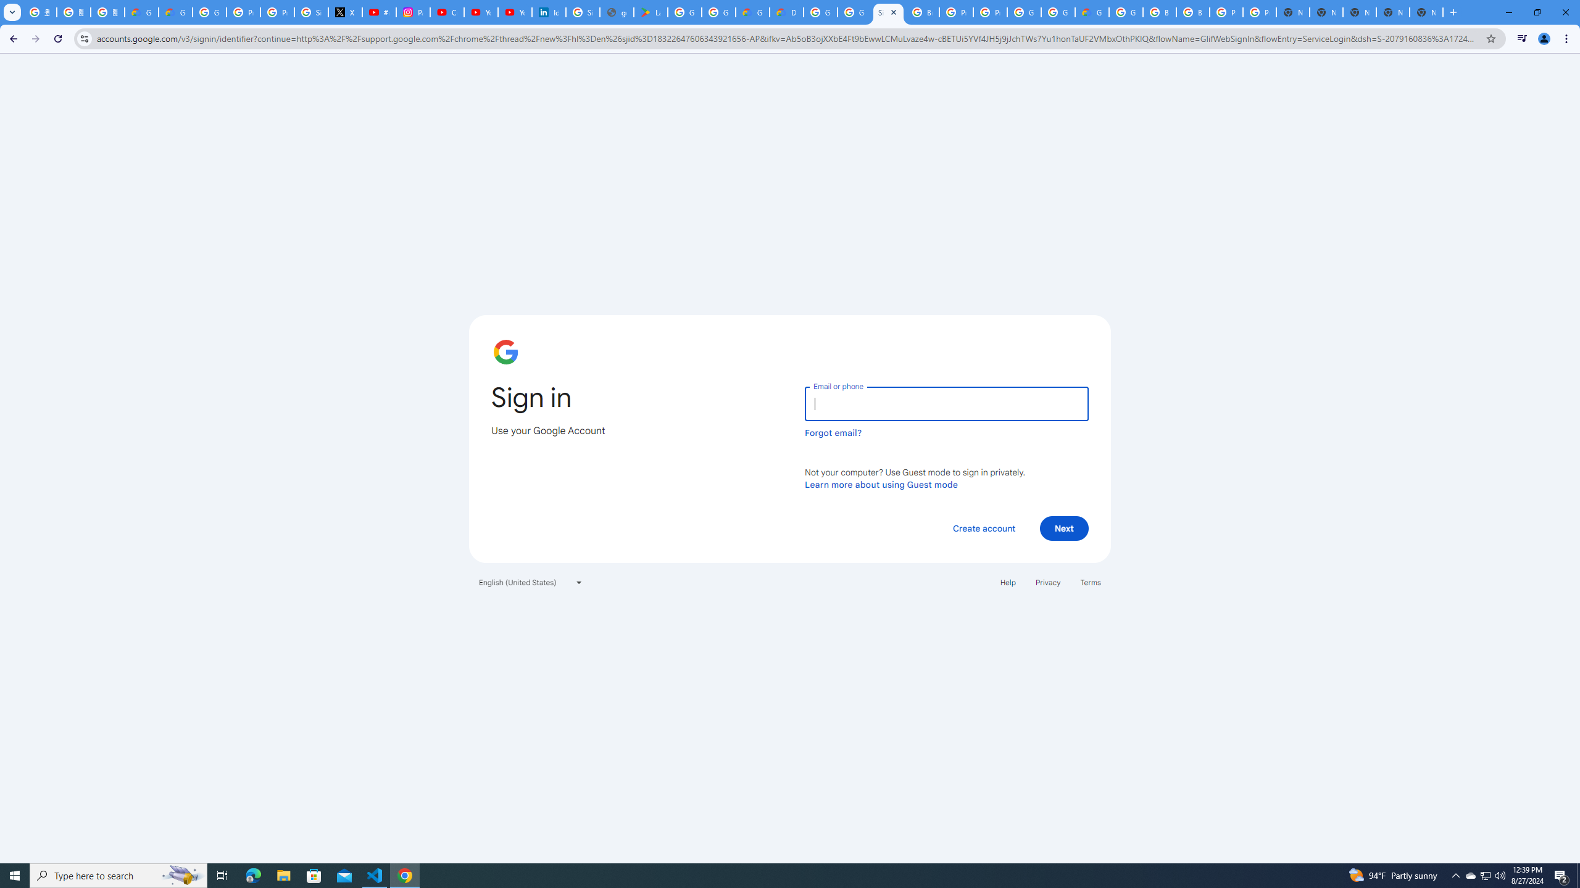  What do you see at coordinates (650, 12) in the screenshot?
I see `'Last Shelter: Survival - Apps on Google Play'` at bounding box center [650, 12].